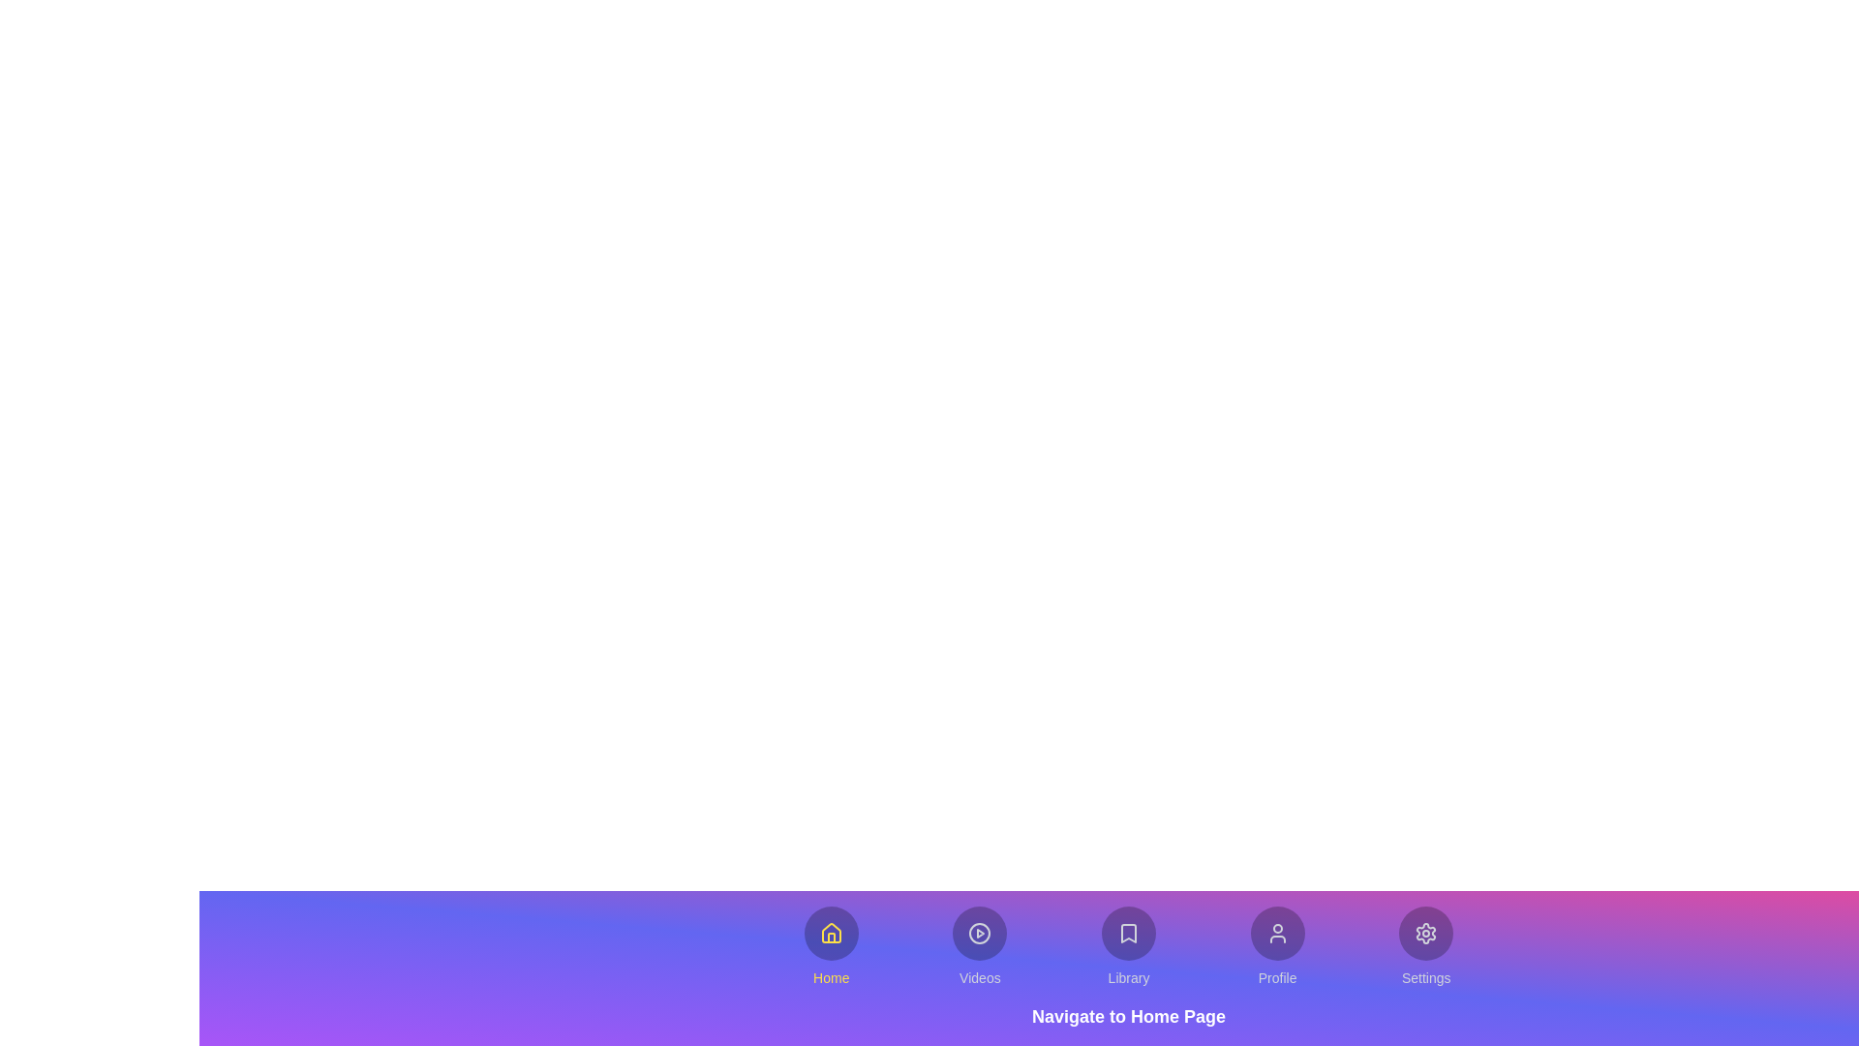 The height and width of the screenshot is (1046, 1859). What do you see at coordinates (1128, 946) in the screenshot?
I see `the button labeled Library to explore its hover effects` at bounding box center [1128, 946].